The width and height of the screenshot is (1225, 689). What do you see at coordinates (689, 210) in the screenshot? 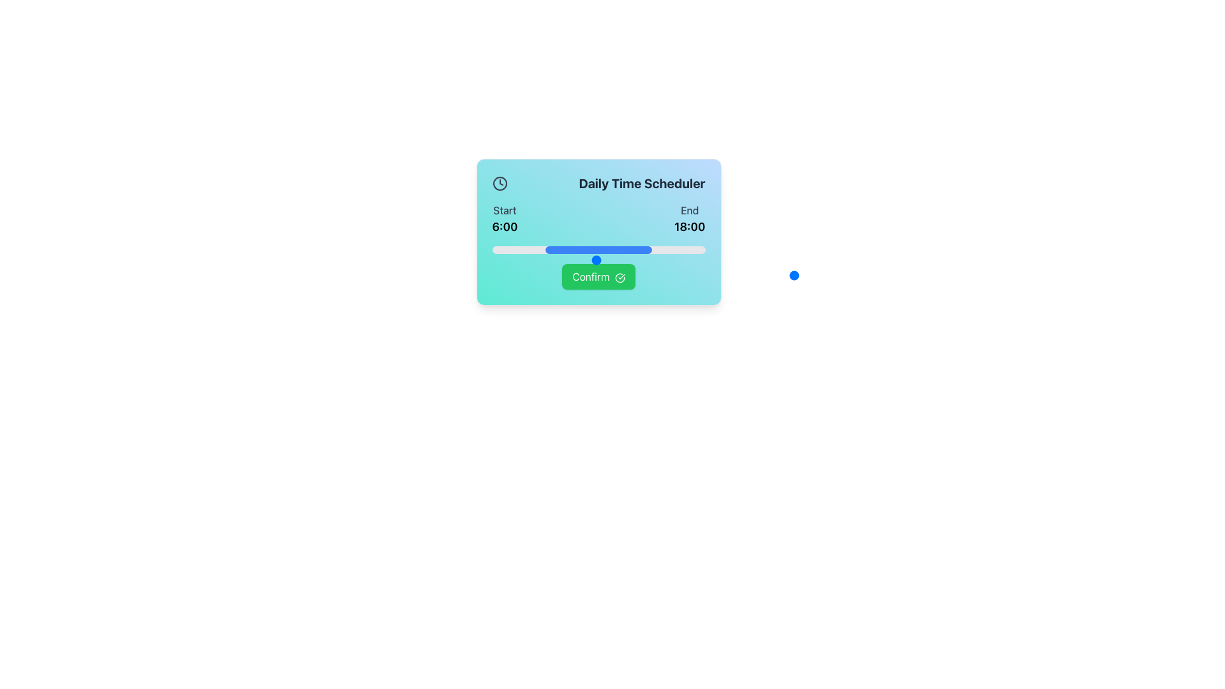
I see `text label displaying 'End' in gray font, positioned at the upper-right of the blue-tinted card above '18:00'` at bounding box center [689, 210].